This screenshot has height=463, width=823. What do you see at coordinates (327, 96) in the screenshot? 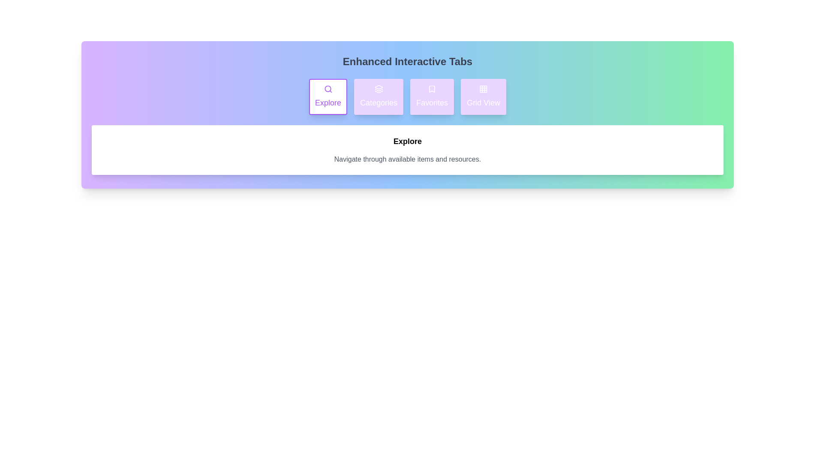
I see `the tab label to select the text` at bounding box center [327, 96].